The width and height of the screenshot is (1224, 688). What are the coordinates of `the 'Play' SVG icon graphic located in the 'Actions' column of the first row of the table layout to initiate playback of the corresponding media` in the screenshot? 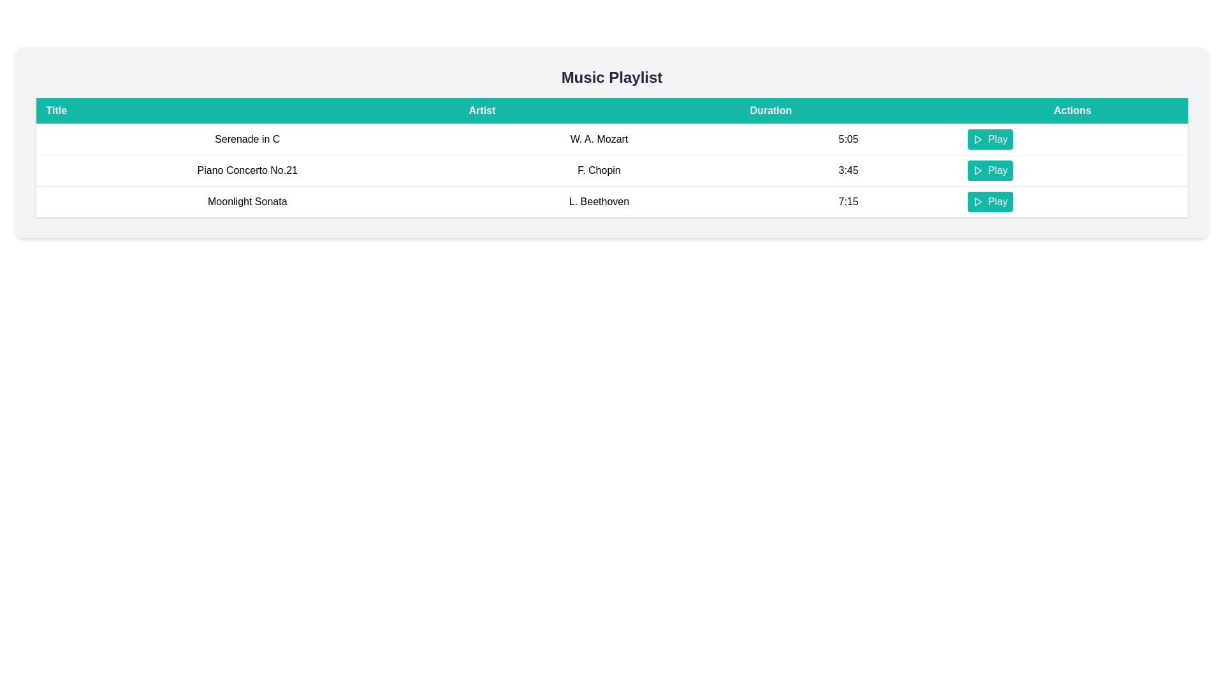 It's located at (977, 140).